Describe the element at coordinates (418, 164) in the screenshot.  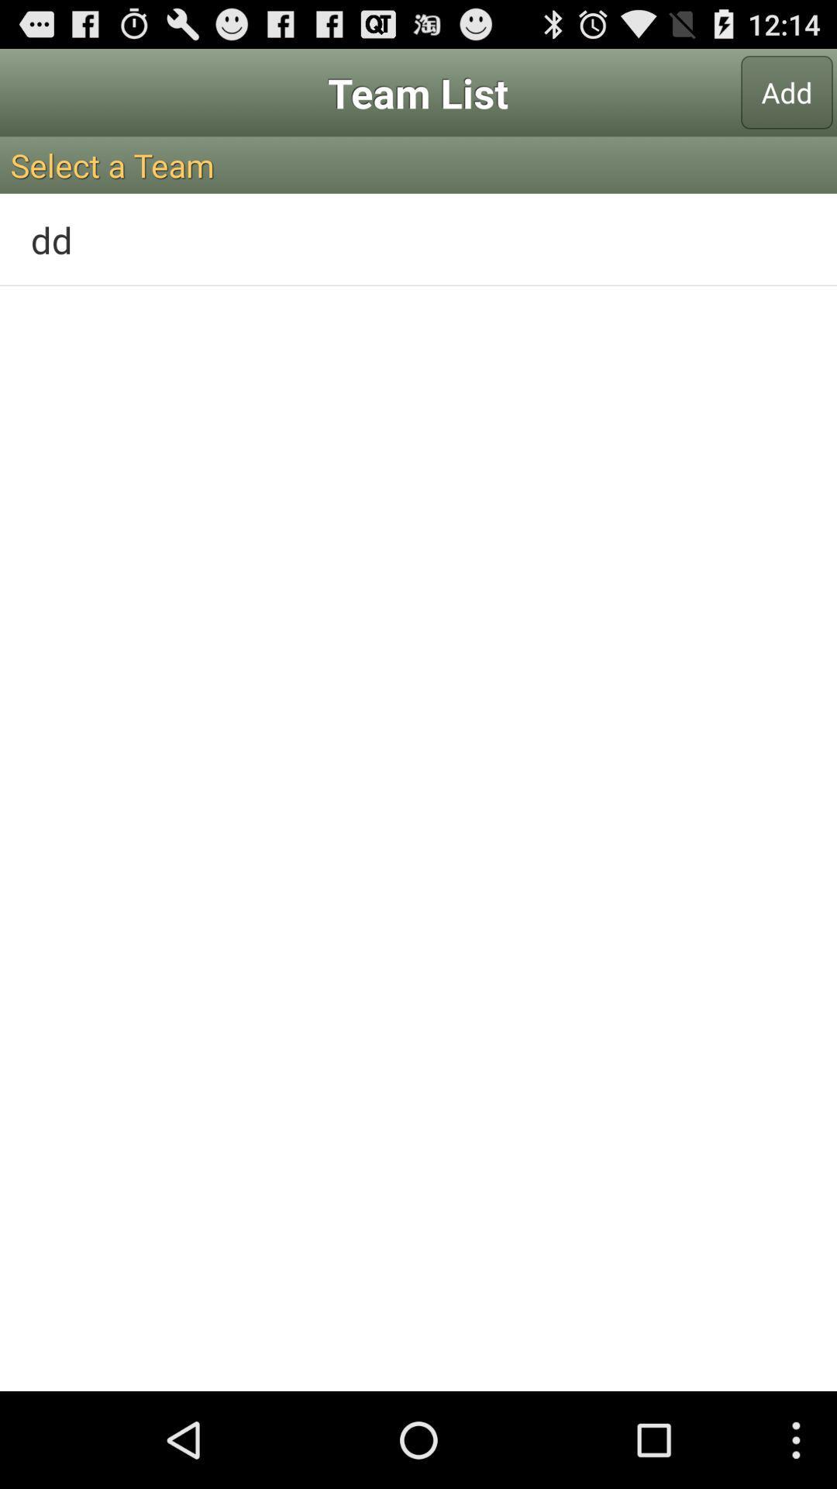
I see `icon above dd icon` at that location.